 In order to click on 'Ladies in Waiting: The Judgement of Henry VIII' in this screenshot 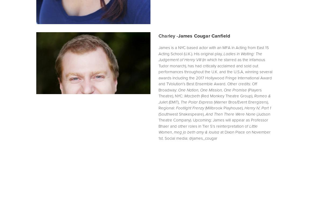, I will do `click(210, 57)`.